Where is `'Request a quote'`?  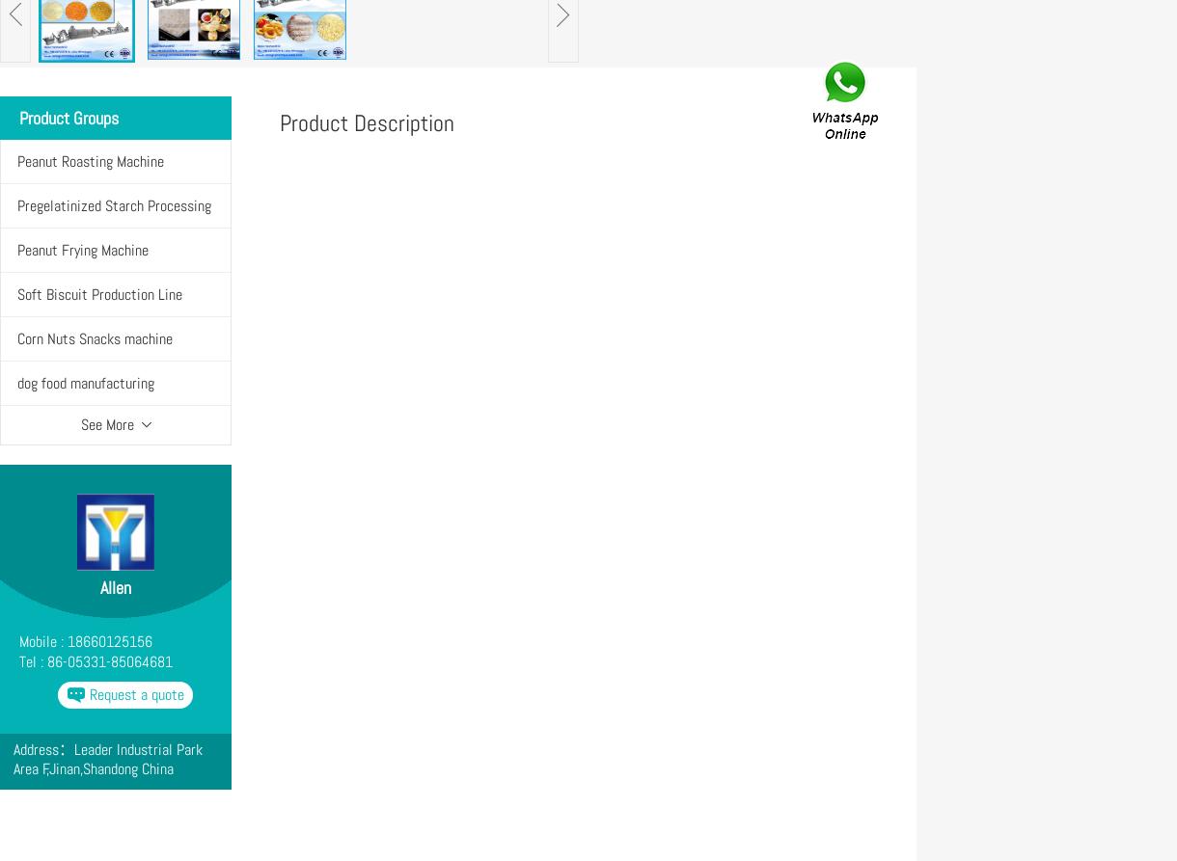
'Request a quote' is located at coordinates (136, 694).